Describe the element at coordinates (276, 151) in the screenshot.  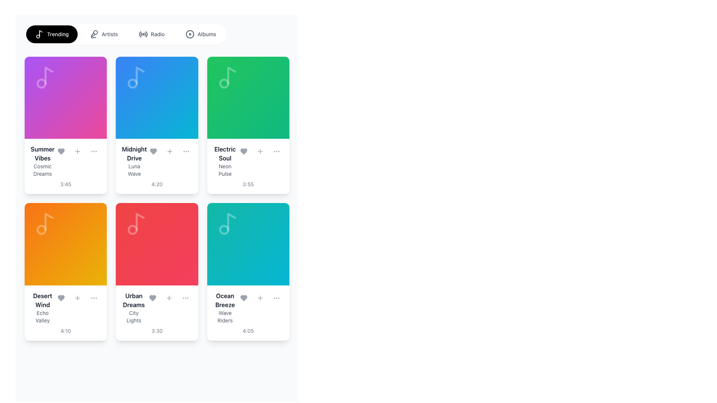
I see `the rightmost interactive icon in the controls section of the 'Electric Soul' track` at that location.